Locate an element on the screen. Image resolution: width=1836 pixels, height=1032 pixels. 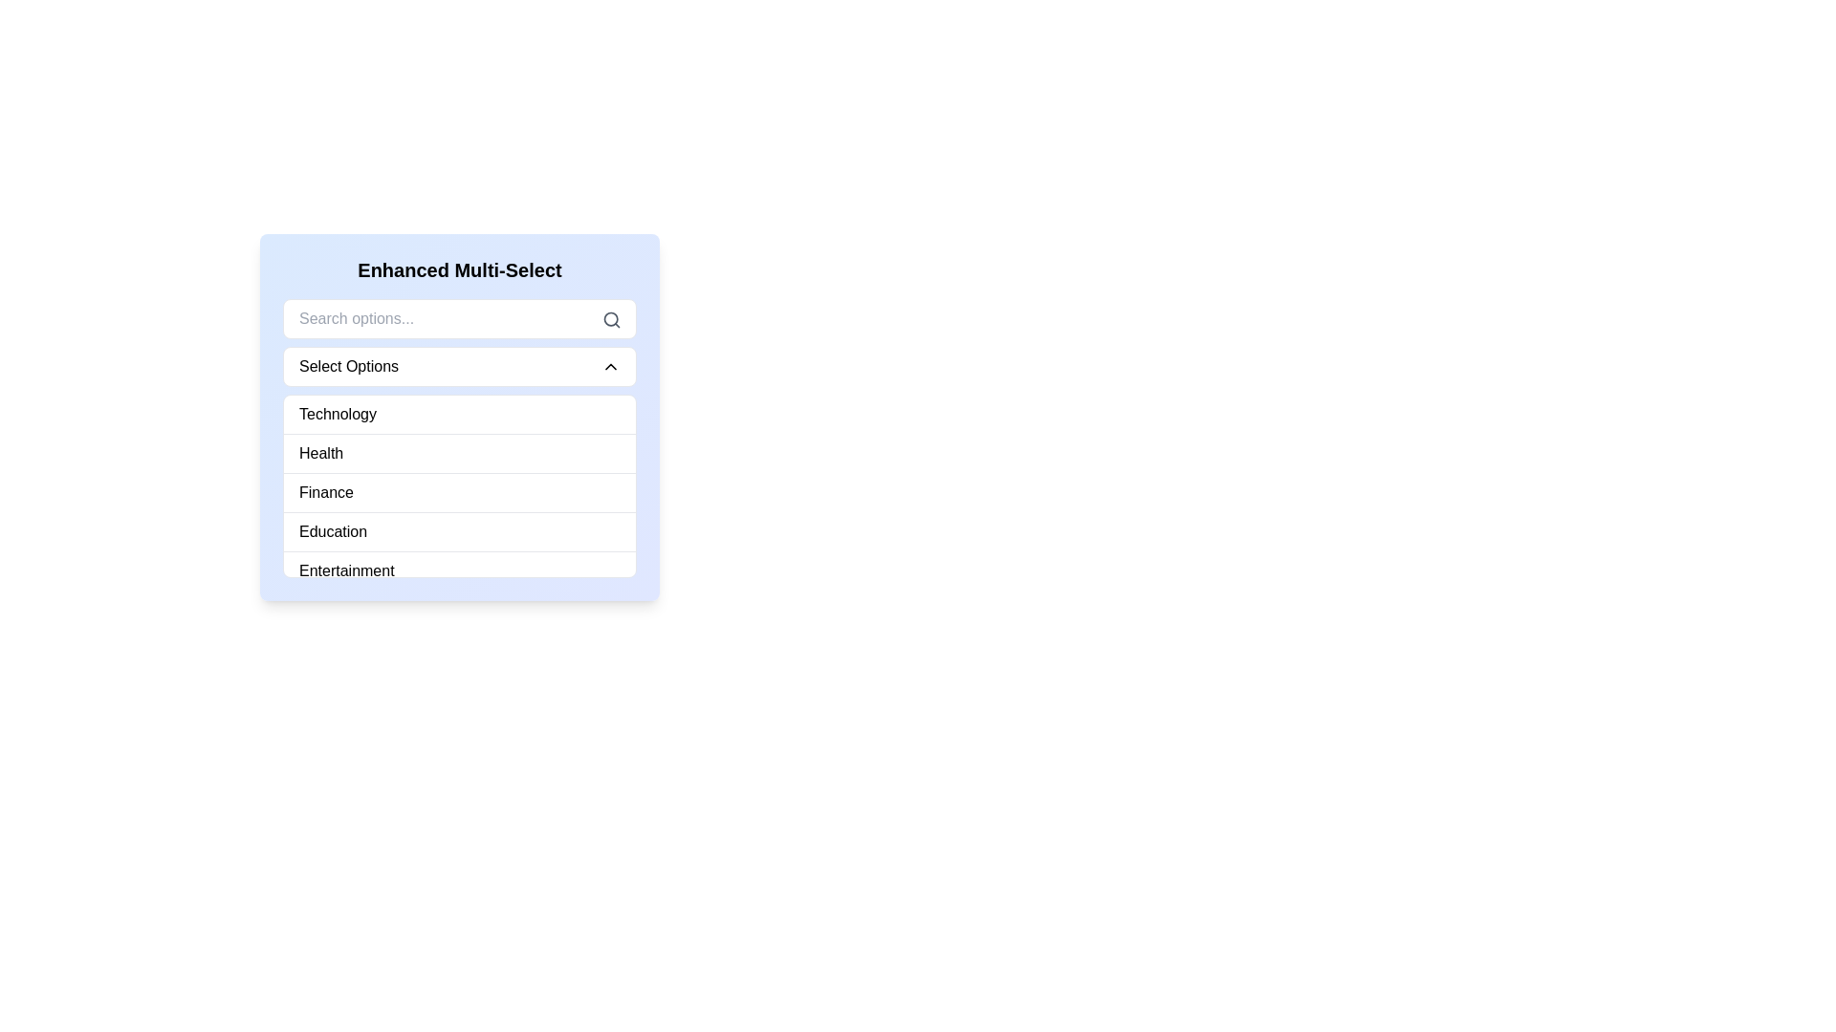
the 'Select Options' static text label, which is positioned near the top of the dropdown area and has a bold font style with black text on a white background is located at coordinates (348, 367).